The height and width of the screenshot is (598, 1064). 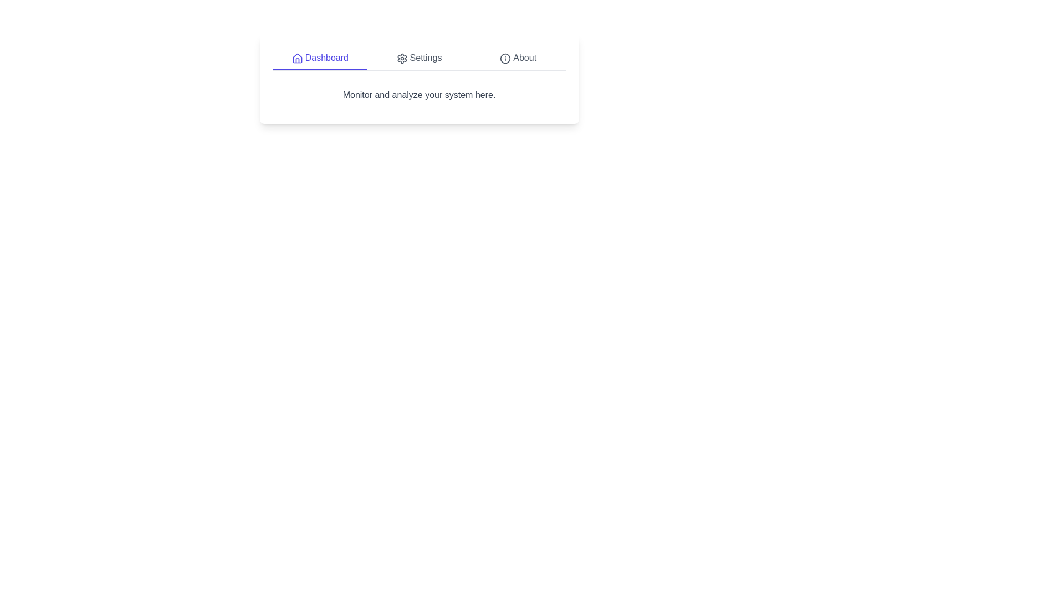 What do you see at coordinates (319, 58) in the screenshot?
I see `the Dashboard tab to navigate to its content` at bounding box center [319, 58].